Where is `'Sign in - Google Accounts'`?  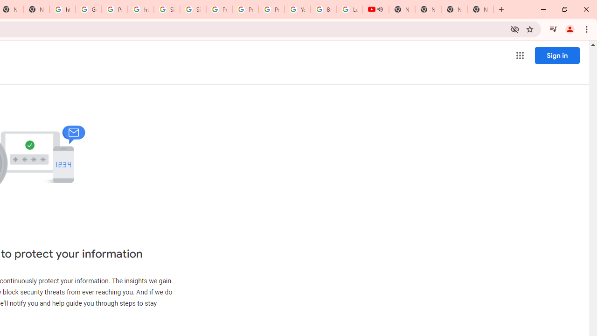
'Sign in - Google Accounts' is located at coordinates (167, 9).